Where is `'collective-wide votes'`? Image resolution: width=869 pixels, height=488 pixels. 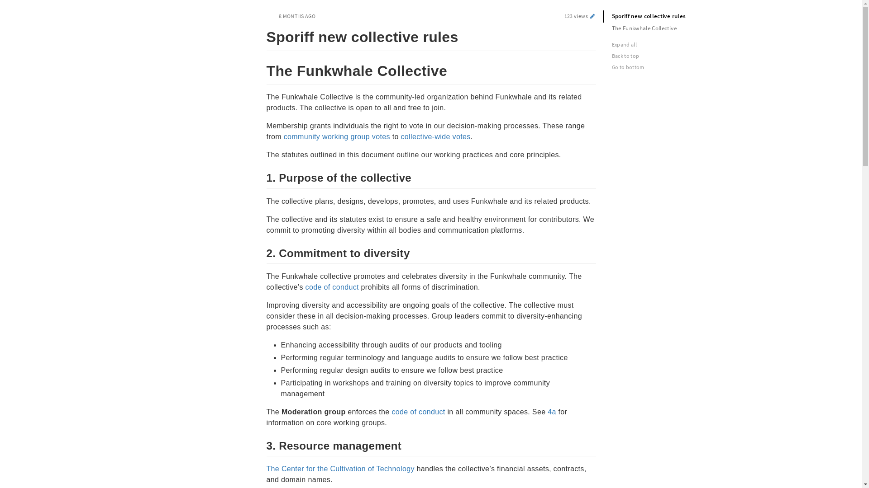 'collective-wide votes' is located at coordinates (400, 136).